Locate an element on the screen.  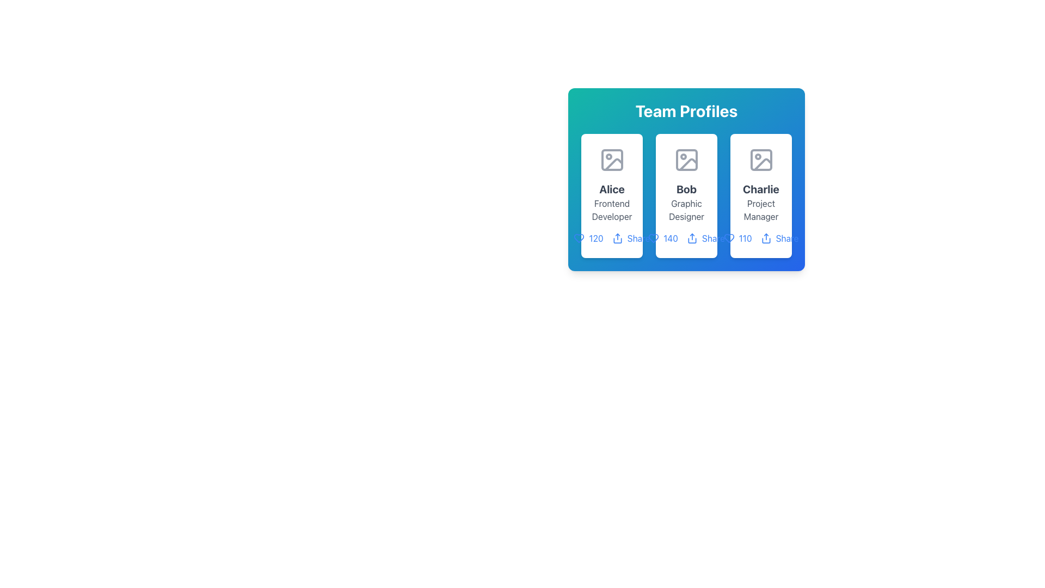
the like count number under the profile labeled 'Charlie' is located at coordinates (737, 238).